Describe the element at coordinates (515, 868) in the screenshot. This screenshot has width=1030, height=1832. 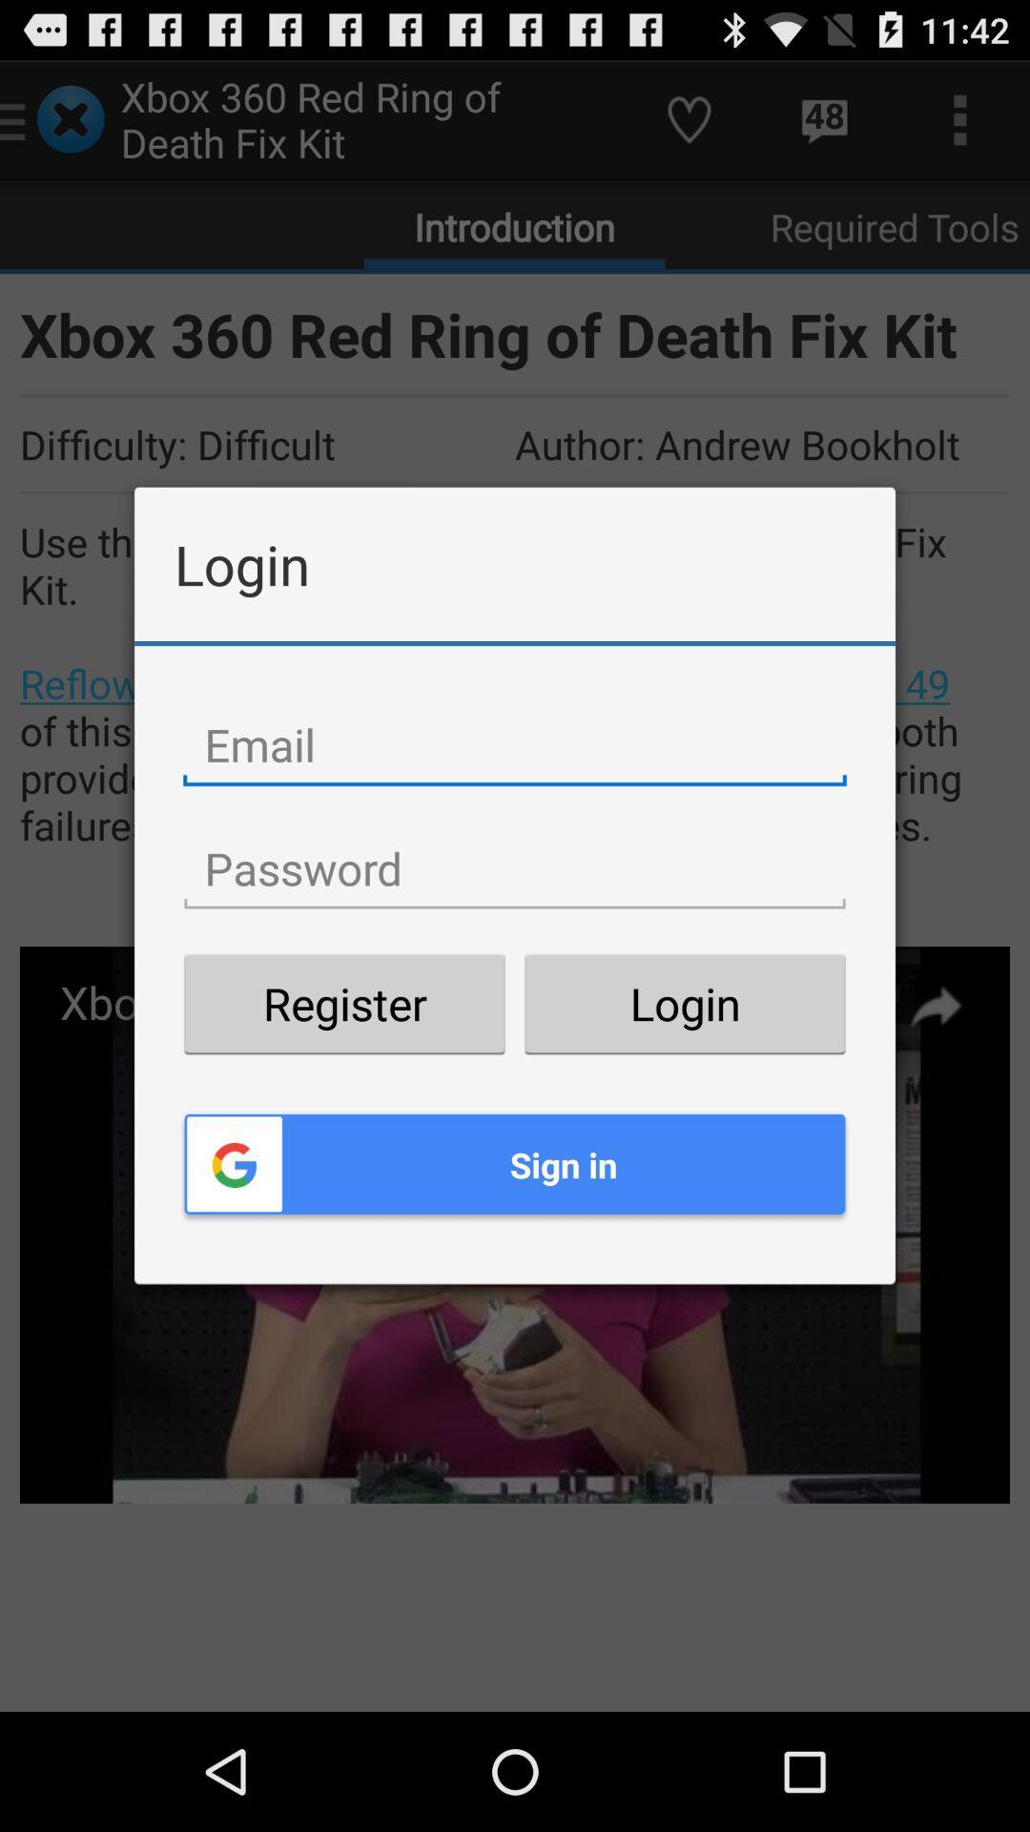
I see `type password code` at that location.